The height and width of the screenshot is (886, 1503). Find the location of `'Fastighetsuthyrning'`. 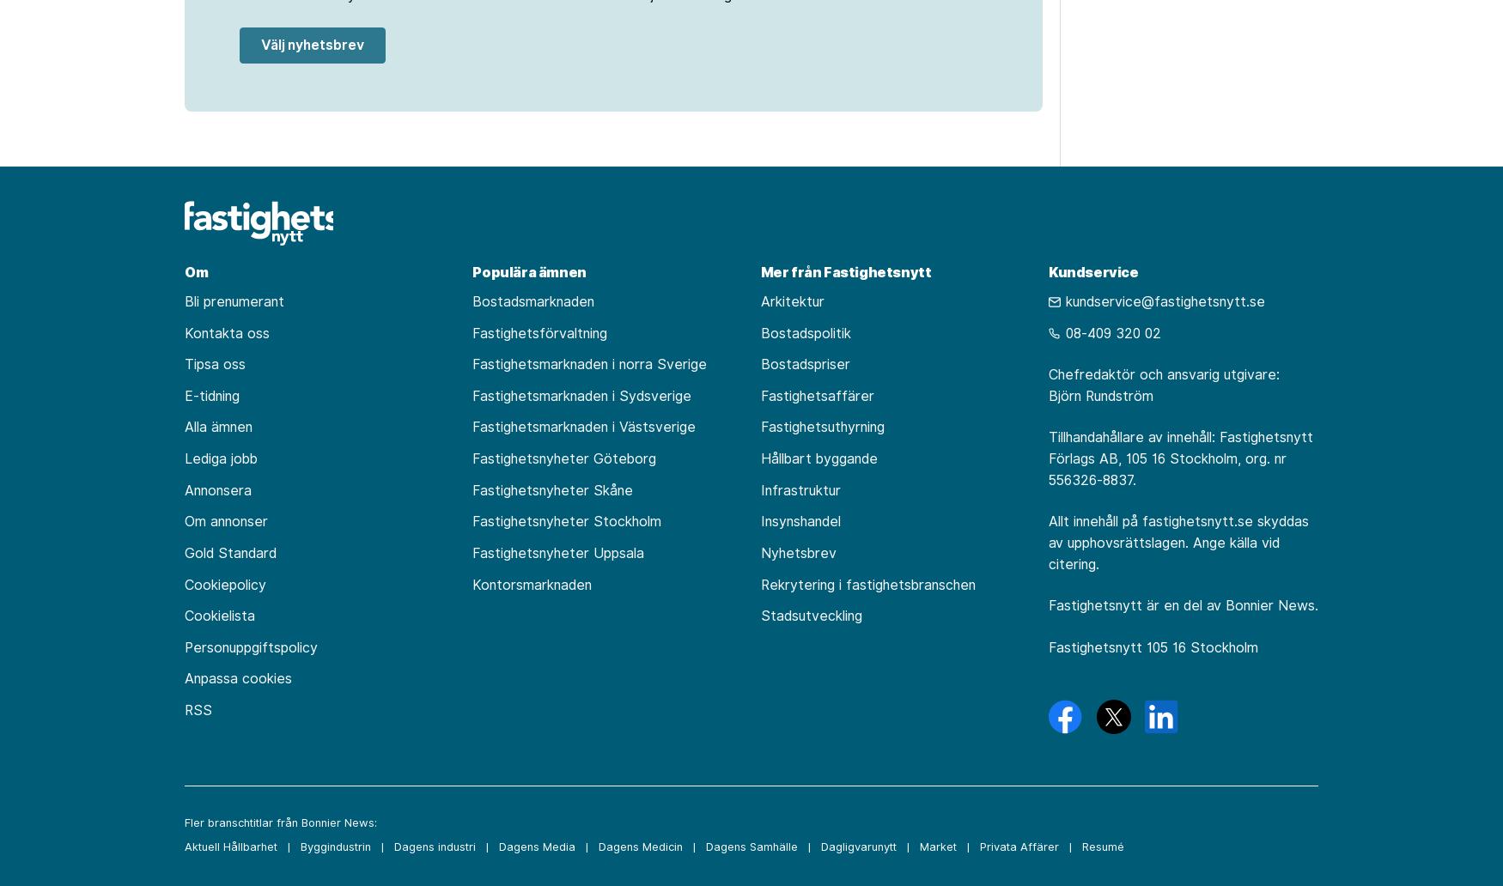

'Fastighetsuthyrning' is located at coordinates (822, 426).